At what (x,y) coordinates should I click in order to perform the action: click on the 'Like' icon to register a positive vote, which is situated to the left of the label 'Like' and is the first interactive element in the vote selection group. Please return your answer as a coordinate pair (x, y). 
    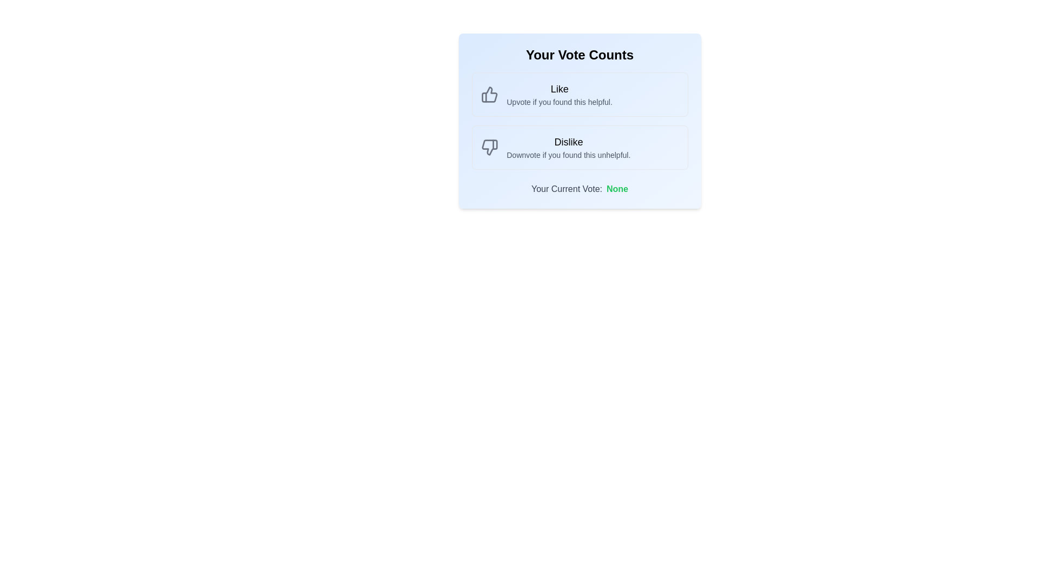
    Looking at the image, I should click on (488, 94).